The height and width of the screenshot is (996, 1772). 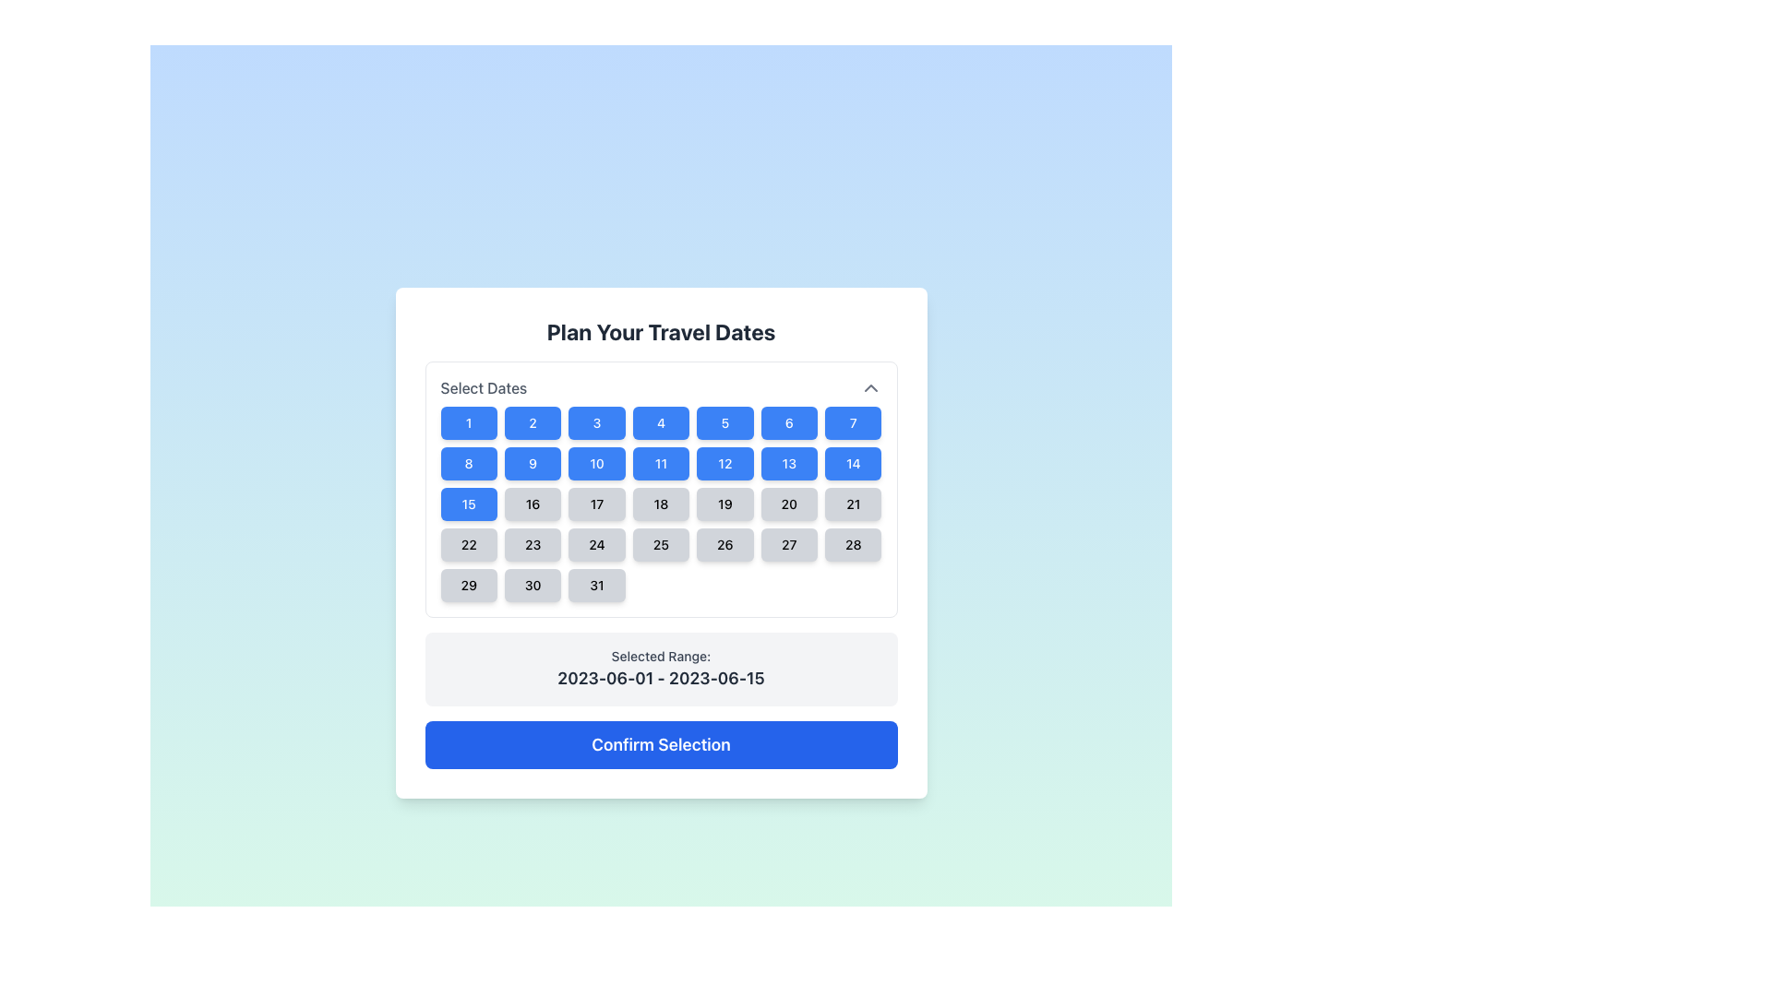 What do you see at coordinates (532, 504) in the screenshot?
I see `the button displaying the number '16' in bold black text, which is located in the third row and second column of the calendar grid` at bounding box center [532, 504].